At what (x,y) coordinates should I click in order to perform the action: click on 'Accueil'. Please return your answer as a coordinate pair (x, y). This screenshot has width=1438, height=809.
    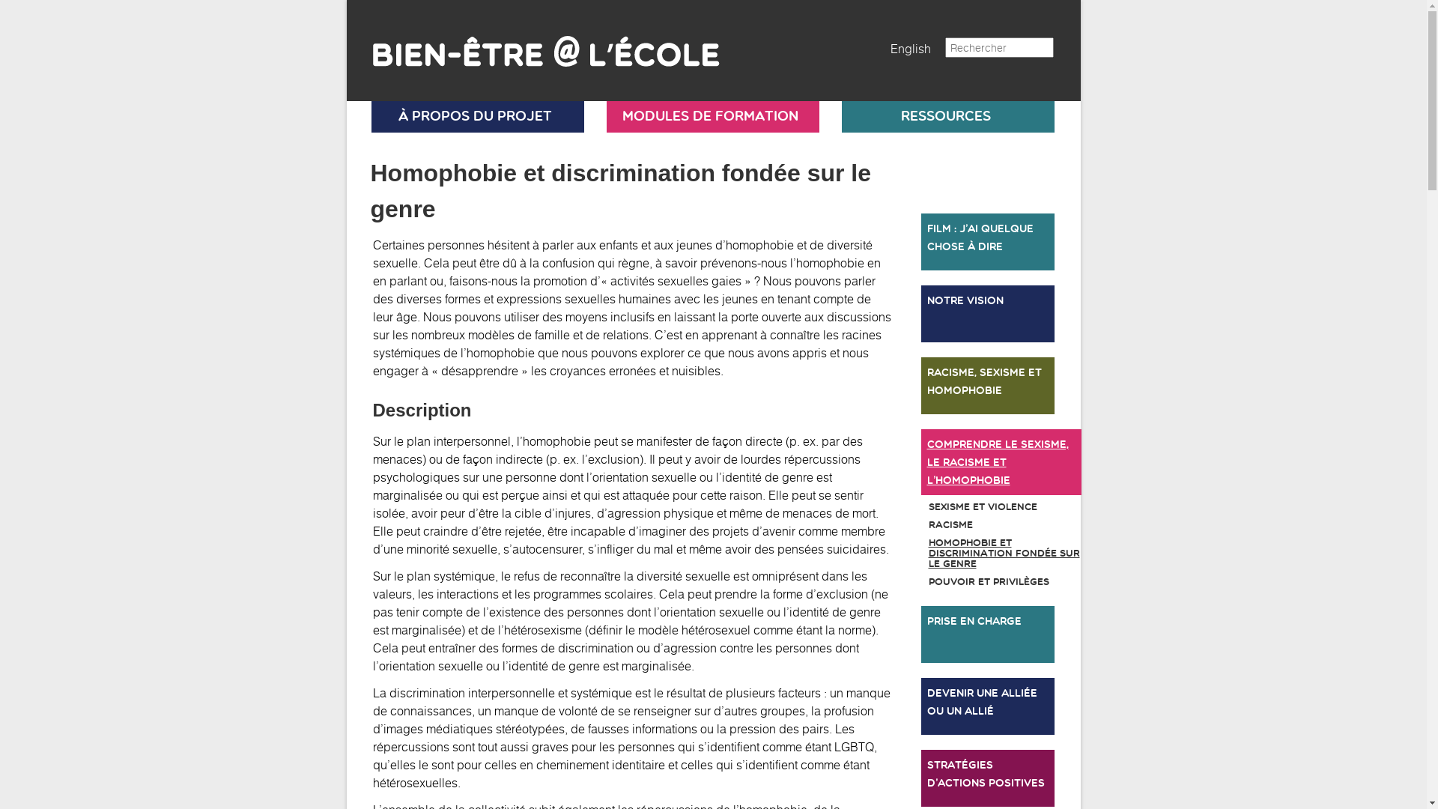
    Looking at the image, I should click on (536, 43).